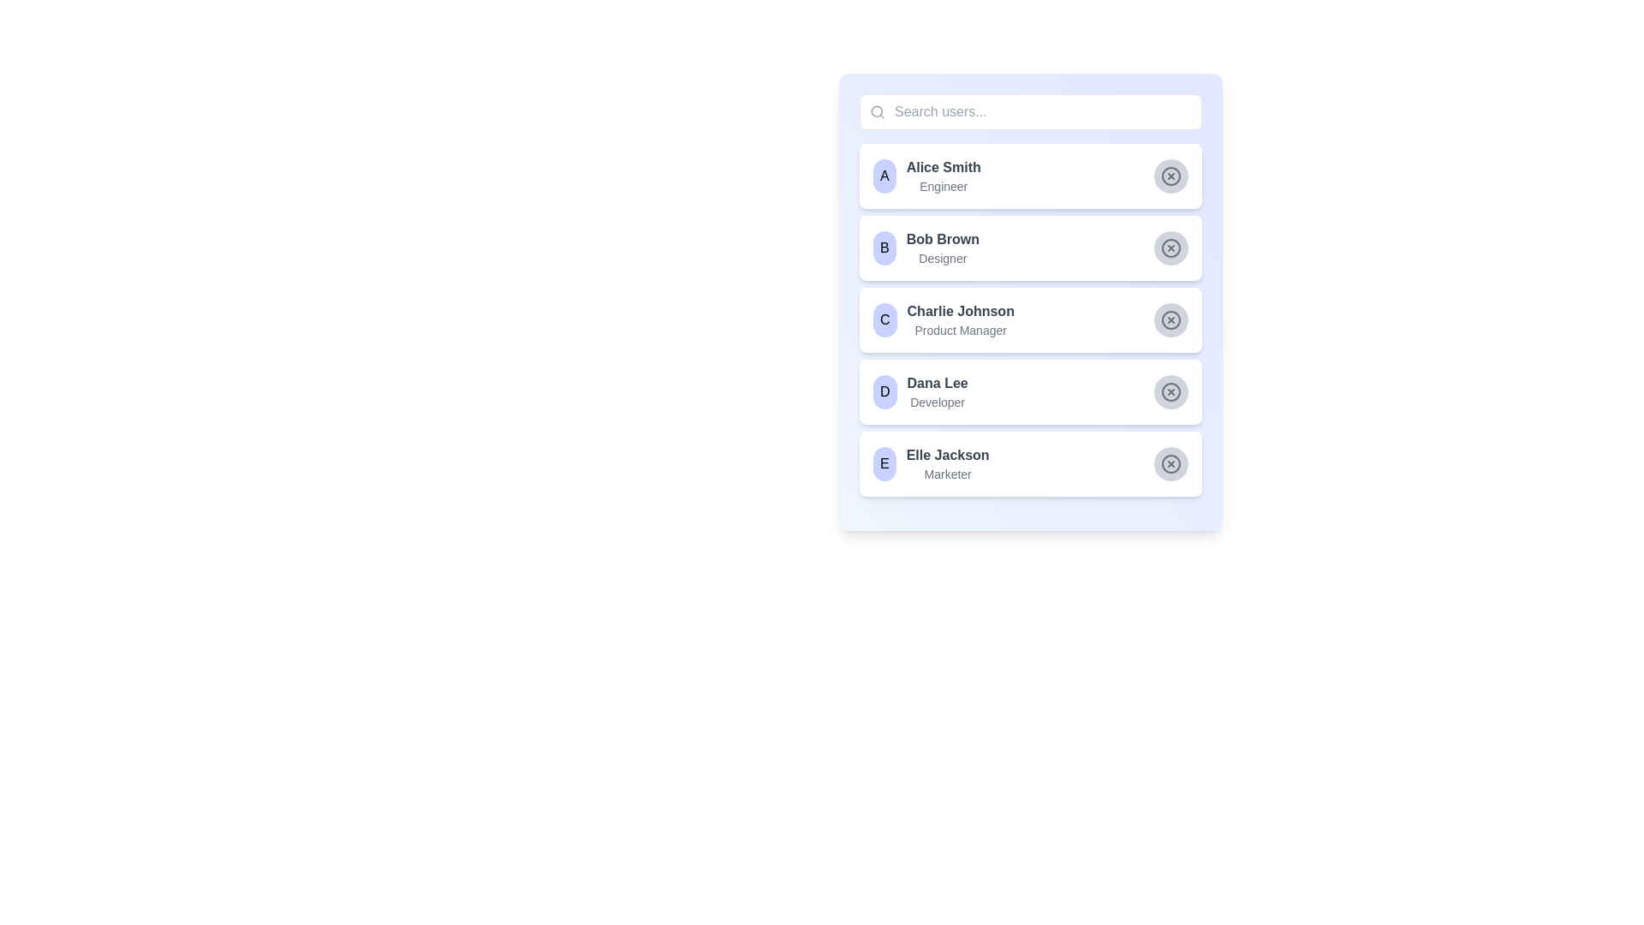 Image resolution: width=1644 pixels, height=925 pixels. I want to click on the user profile element displaying the avatar with 'A', name 'Alice Smith', and title 'Engineer', which is the first element in the list of user profiles located just below the search bar, so click(926, 176).